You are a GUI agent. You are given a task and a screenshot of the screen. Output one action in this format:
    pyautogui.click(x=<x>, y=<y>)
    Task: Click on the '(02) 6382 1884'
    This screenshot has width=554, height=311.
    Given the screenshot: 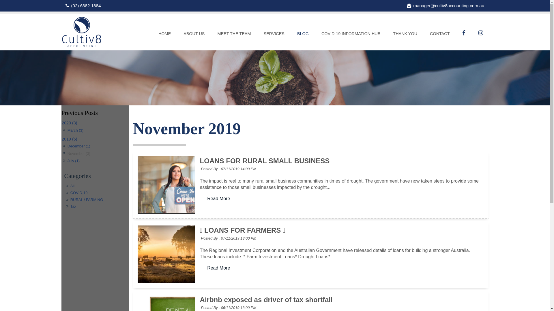 What is the action you would take?
    pyautogui.click(x=83, y=5)
    